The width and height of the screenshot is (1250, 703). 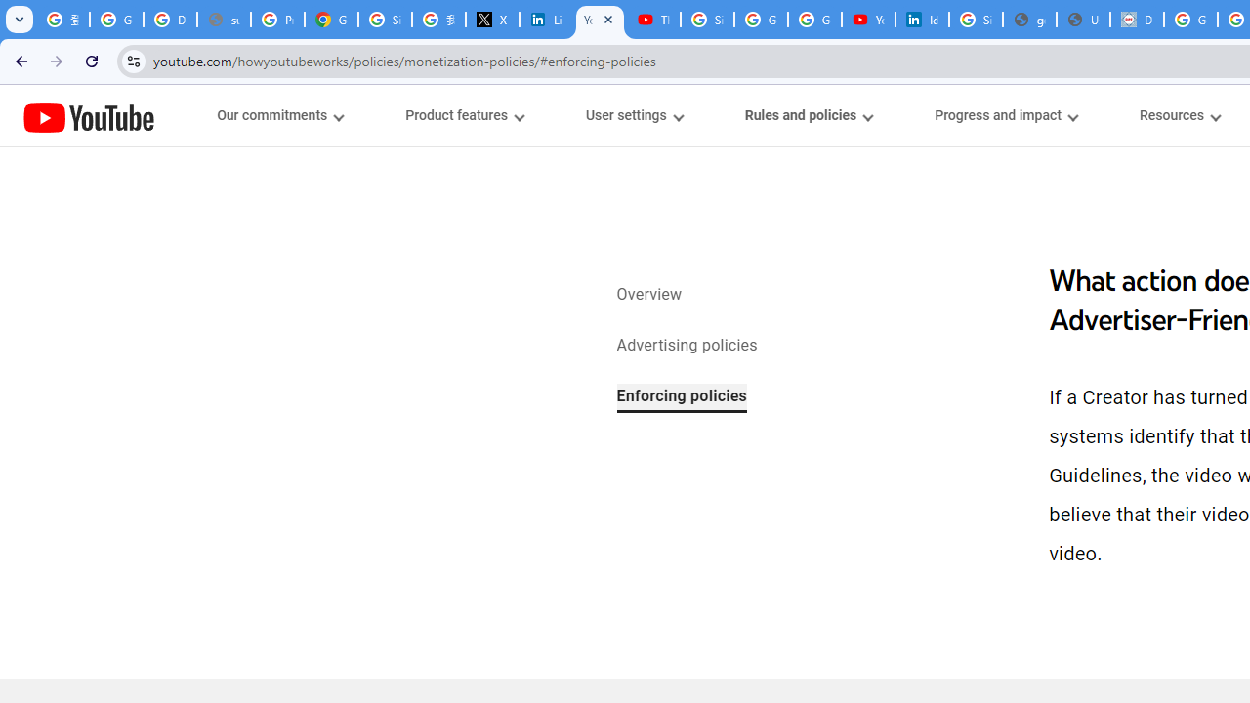 I want to click on 'Data Privacy Framework', so click(x=1137, y=20).